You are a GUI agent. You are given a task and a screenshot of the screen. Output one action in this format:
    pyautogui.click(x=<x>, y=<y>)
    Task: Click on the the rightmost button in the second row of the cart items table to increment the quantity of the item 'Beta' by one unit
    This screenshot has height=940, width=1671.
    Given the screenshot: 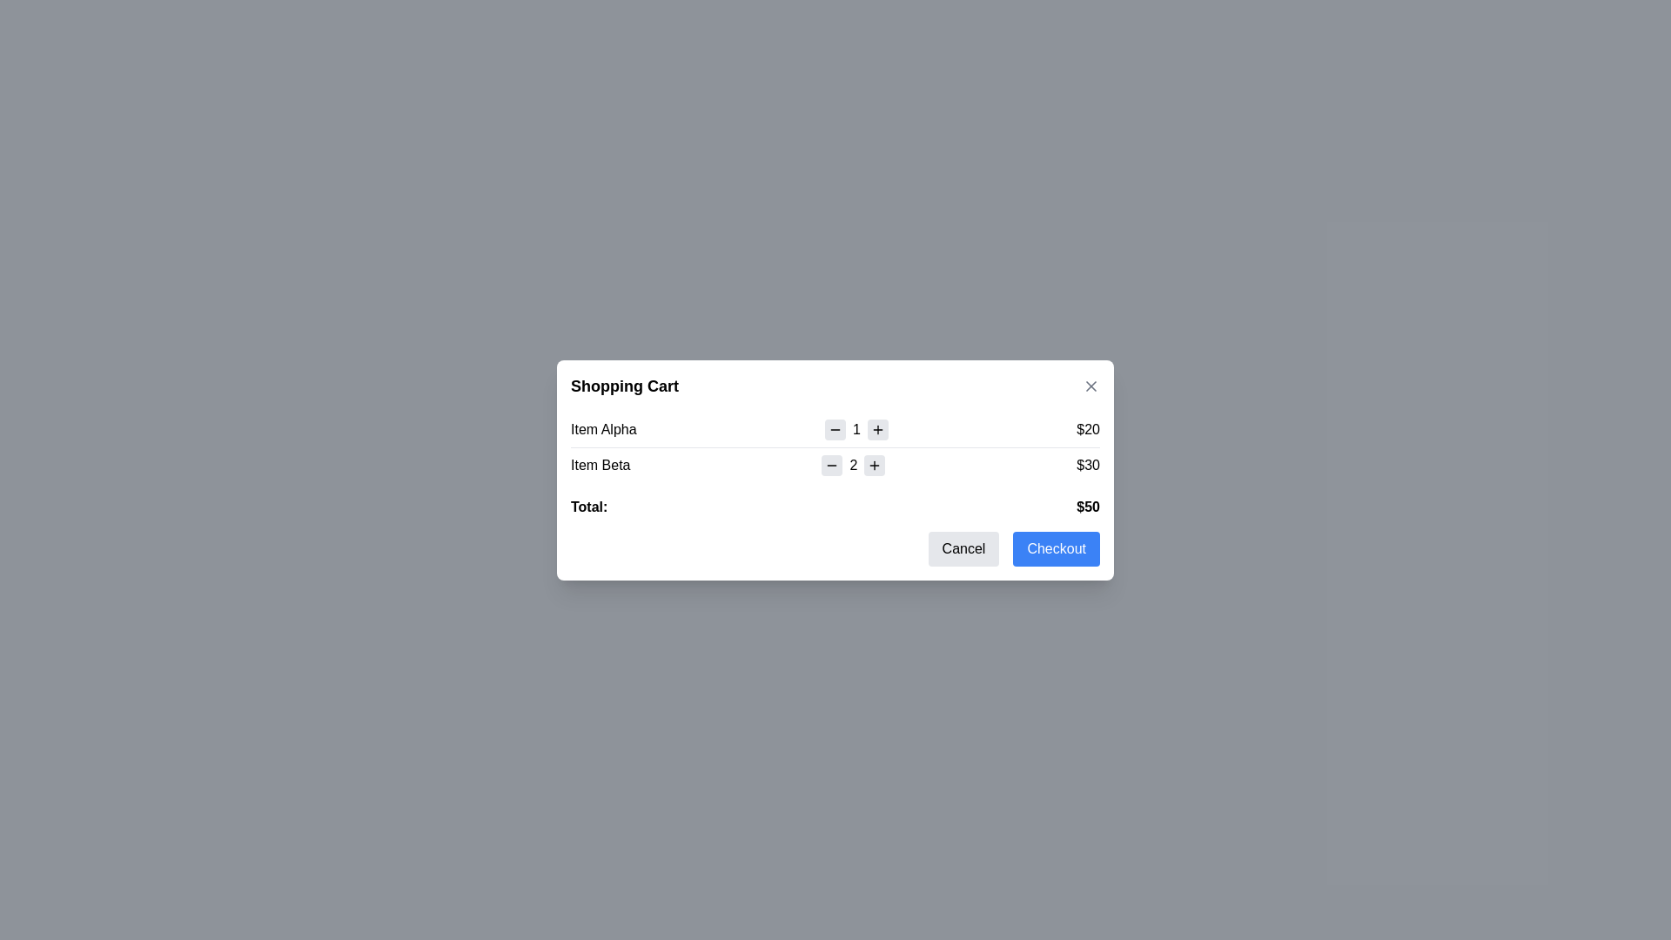 What is the action you would take?
    pyautogui.click(x=875, y=464)
    